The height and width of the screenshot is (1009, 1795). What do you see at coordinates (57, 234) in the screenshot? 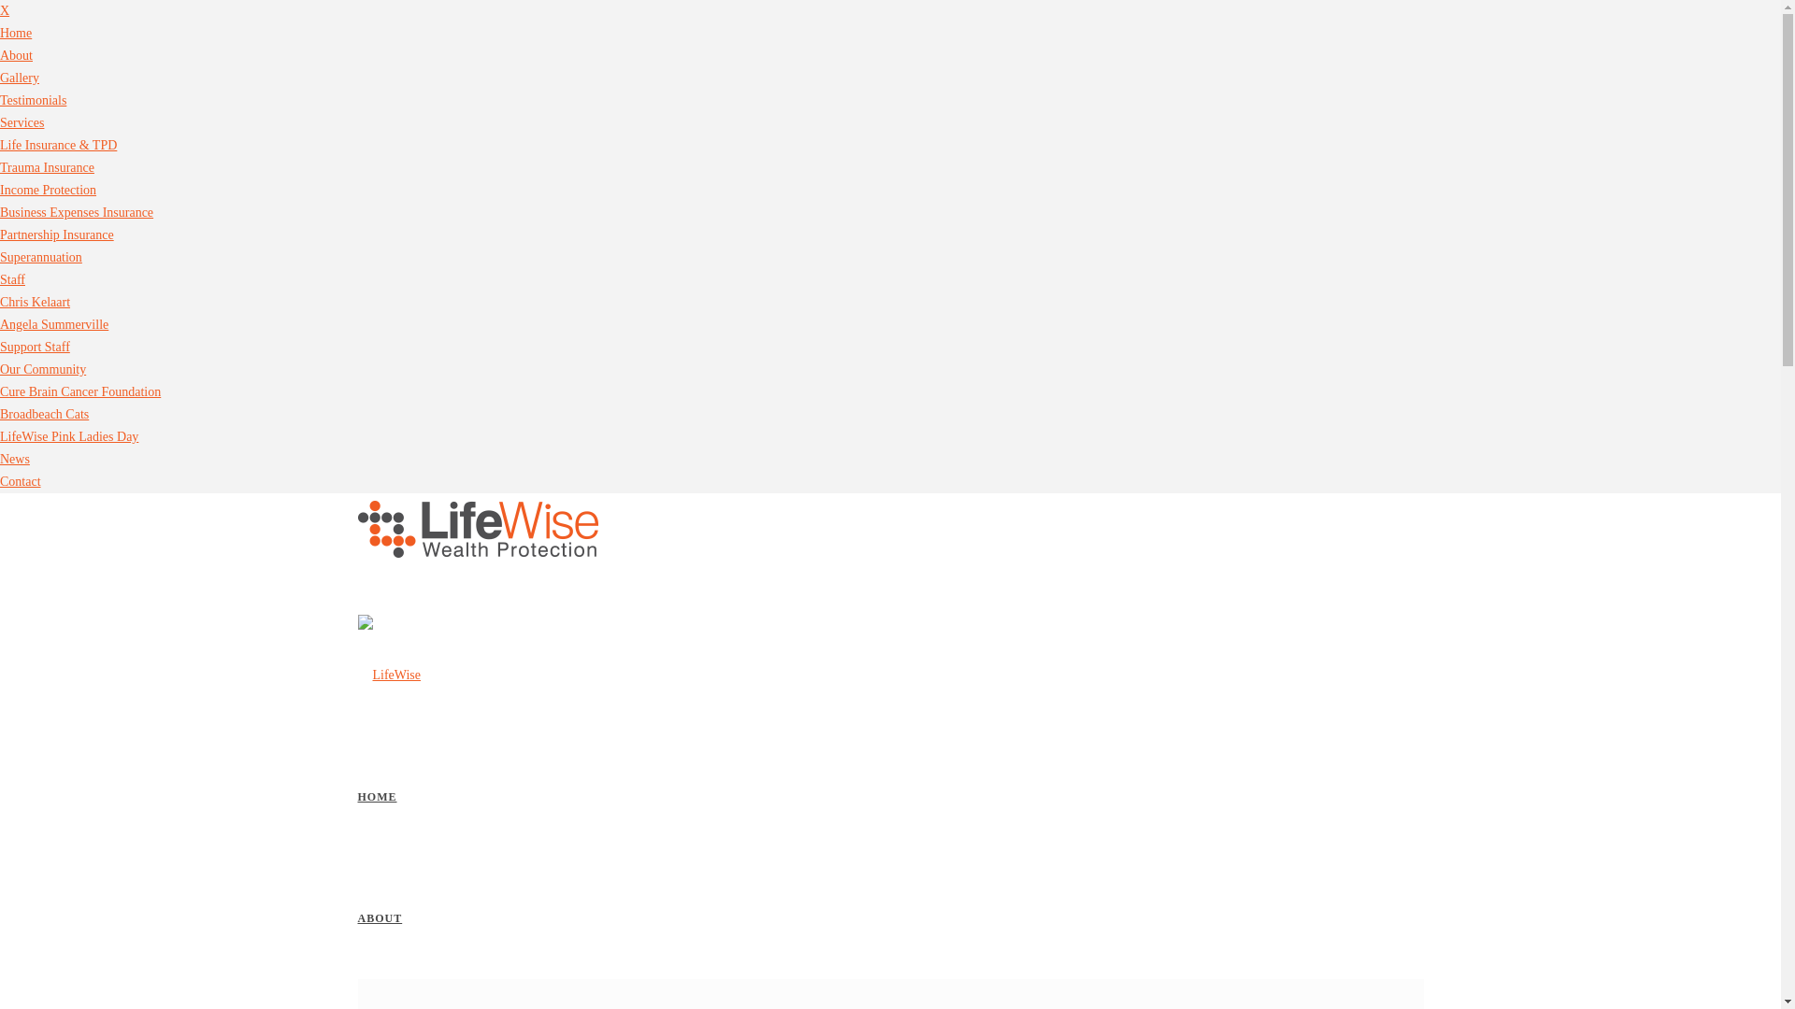
I see `'Partnership Insurance'` at bounding box center [57, 234].